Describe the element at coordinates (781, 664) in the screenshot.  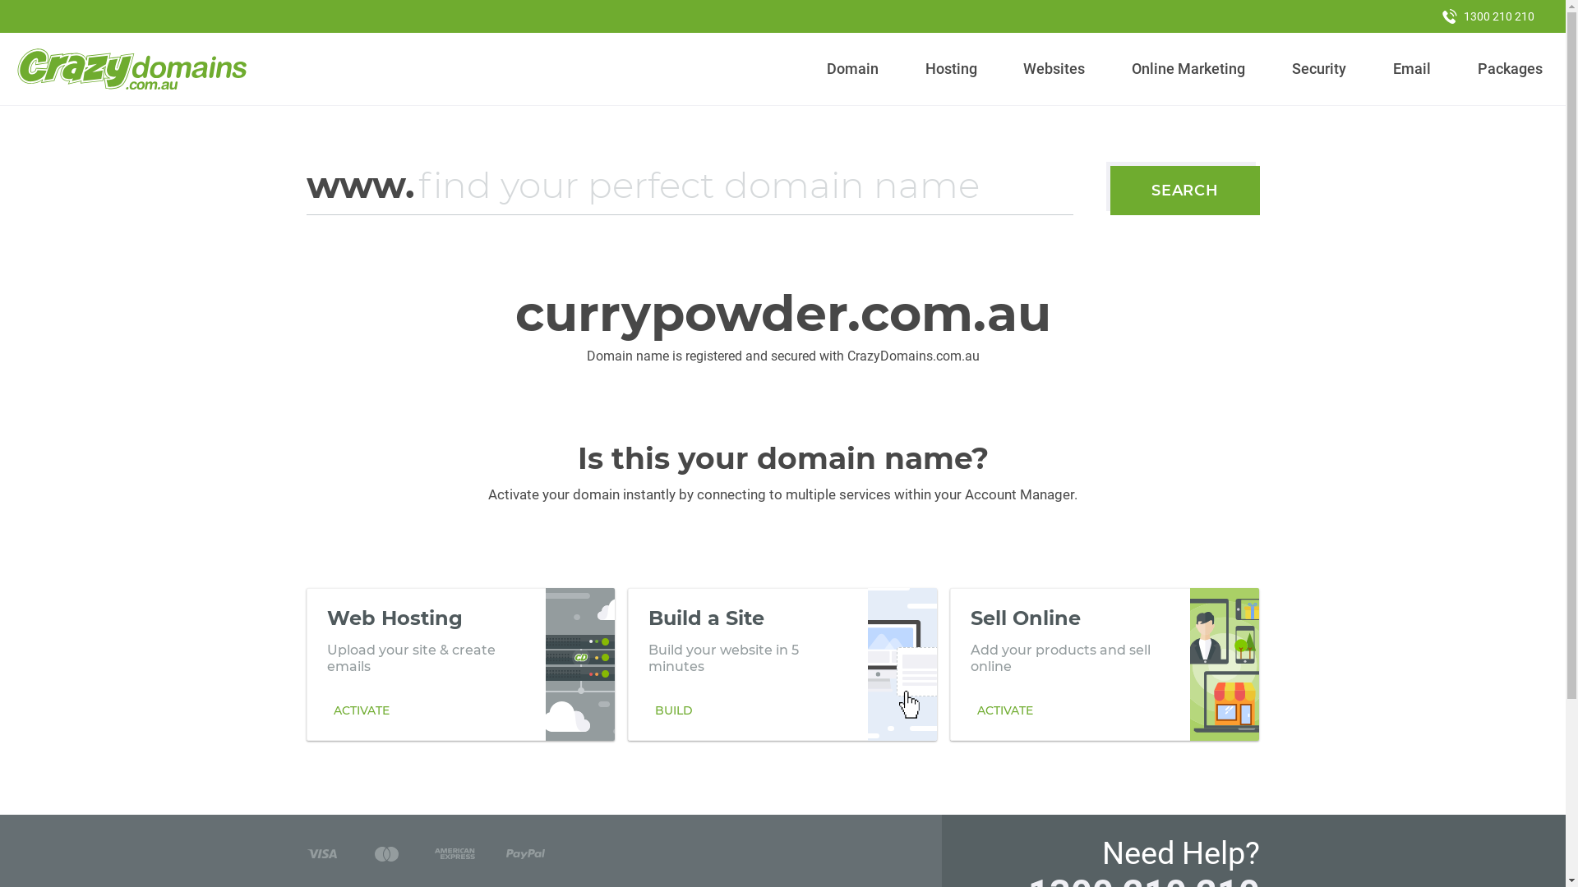
I see `'Build a Site` at that location.